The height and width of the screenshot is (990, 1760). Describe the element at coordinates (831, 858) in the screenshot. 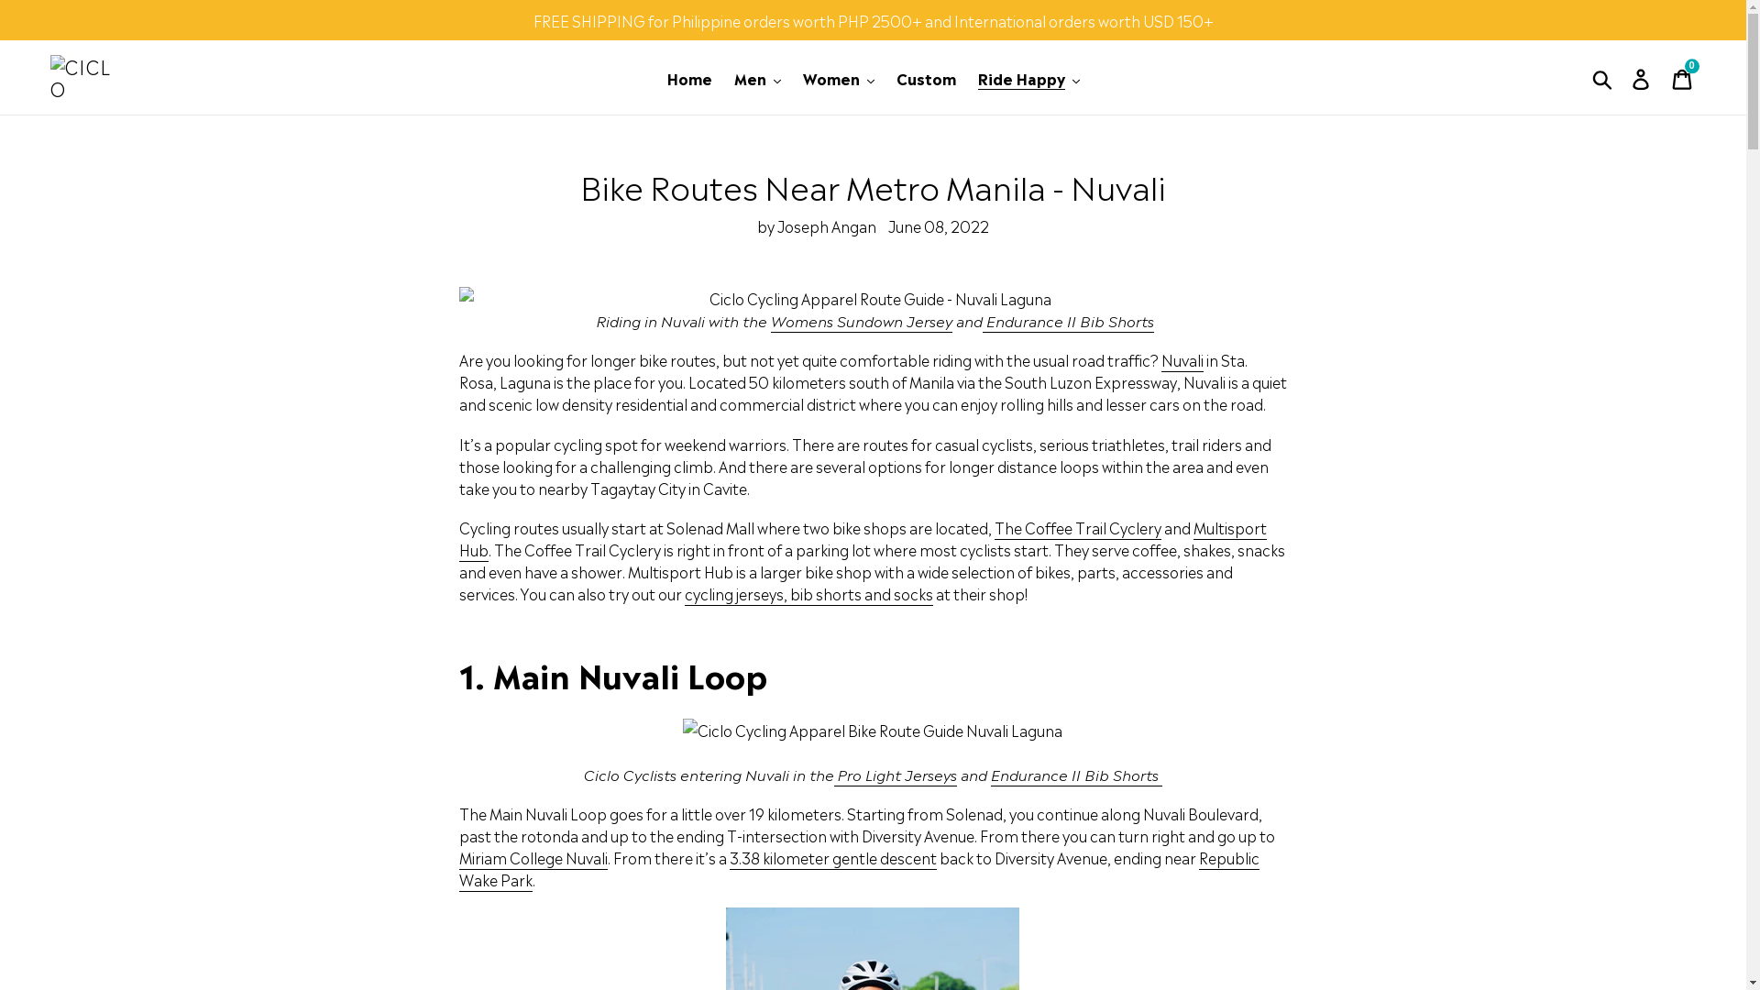

I see `'3.38 kilometer gentle descent'` at that location.